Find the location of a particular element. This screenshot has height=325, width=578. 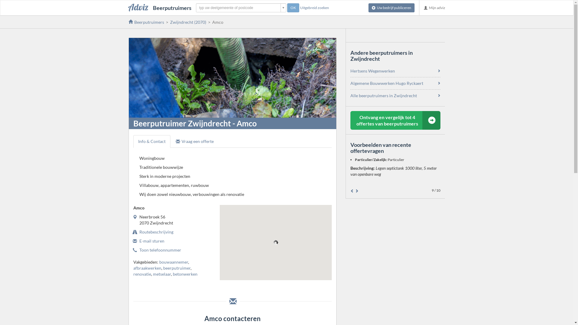

'betonwerken' is located at coordinates (185, 274).